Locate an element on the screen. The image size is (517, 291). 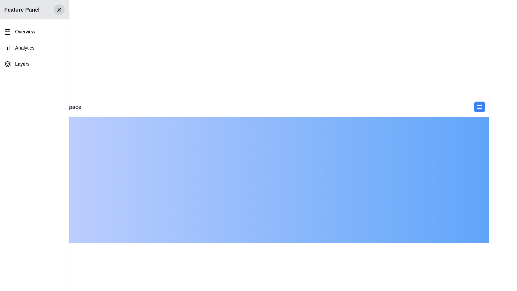
the toggle button located at the far right end of the header section is located at coordinates (479, 107).